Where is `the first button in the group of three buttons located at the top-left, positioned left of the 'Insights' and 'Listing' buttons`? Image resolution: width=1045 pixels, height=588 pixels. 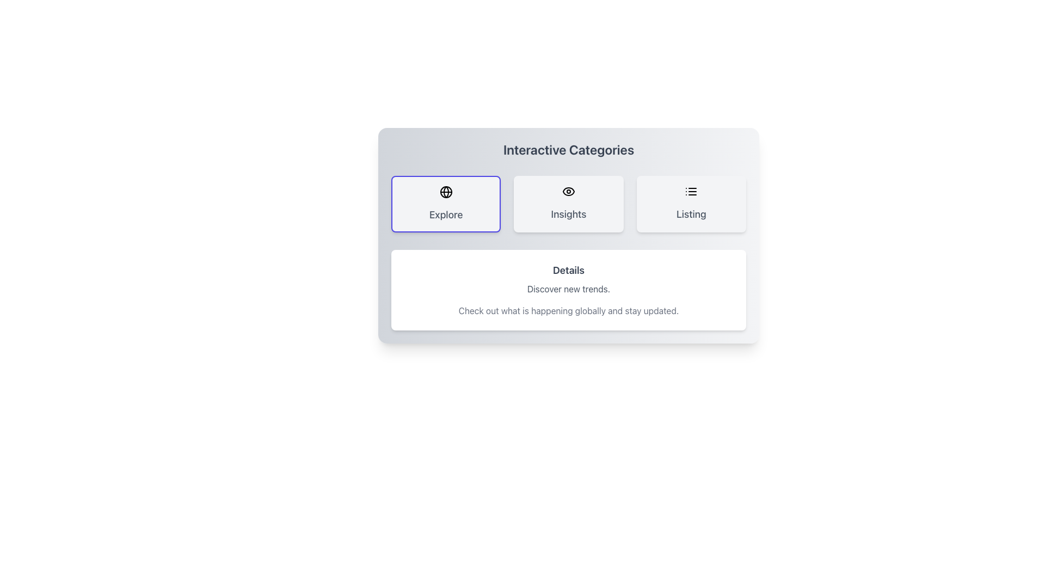 the first button in the group of three buttons located at the top-left, positioned left of the 'Insights' and 'Listing' buttons is located at coordinates (446, 204).